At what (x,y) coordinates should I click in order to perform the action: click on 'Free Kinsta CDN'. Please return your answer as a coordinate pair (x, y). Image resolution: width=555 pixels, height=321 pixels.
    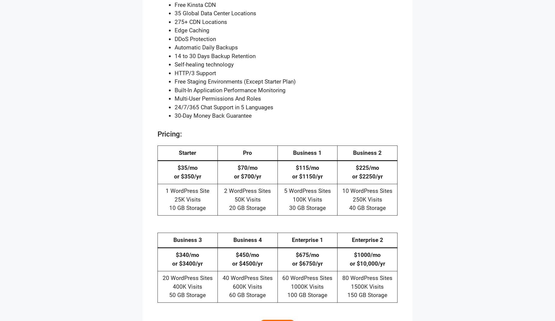
    Looking at the image, I should click on (195, 4).